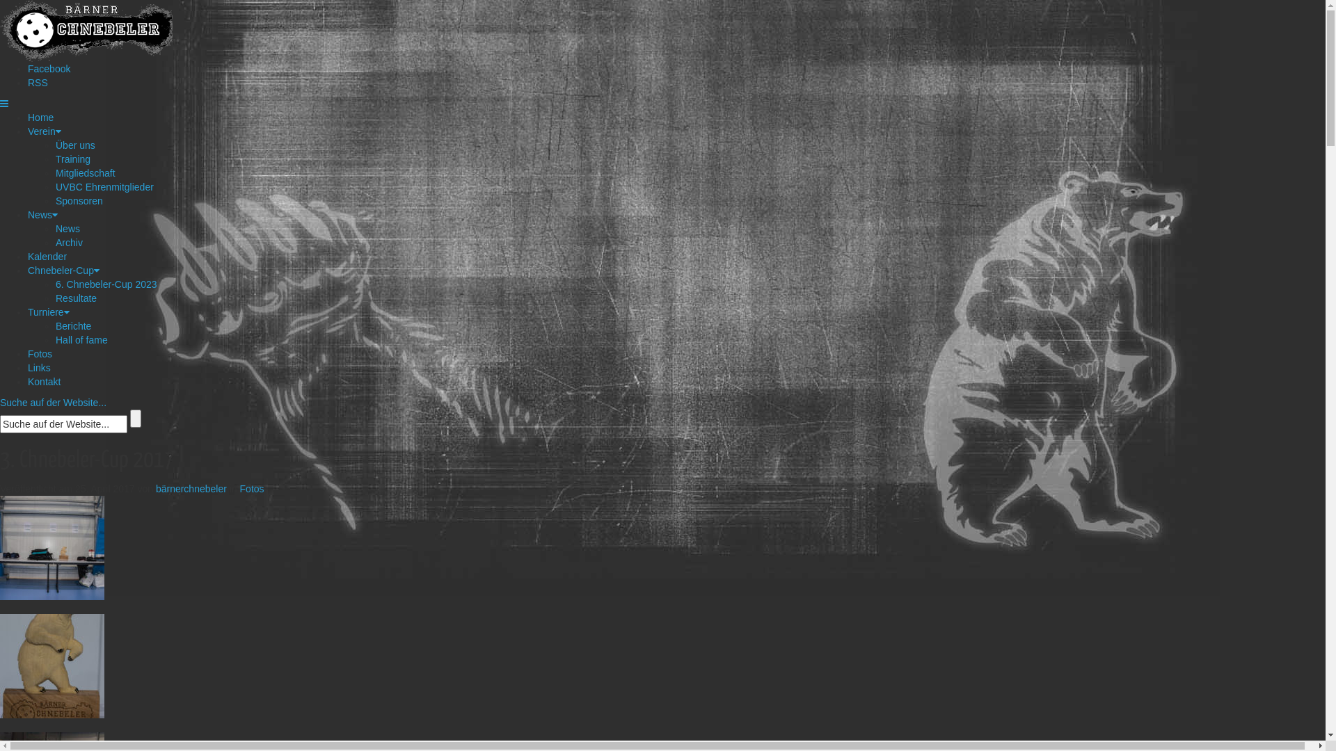  What do you see at coordinates (53, 402) in the screenshot?
I see `'Suche auf der Website...'` at bounding box center [53, 402].